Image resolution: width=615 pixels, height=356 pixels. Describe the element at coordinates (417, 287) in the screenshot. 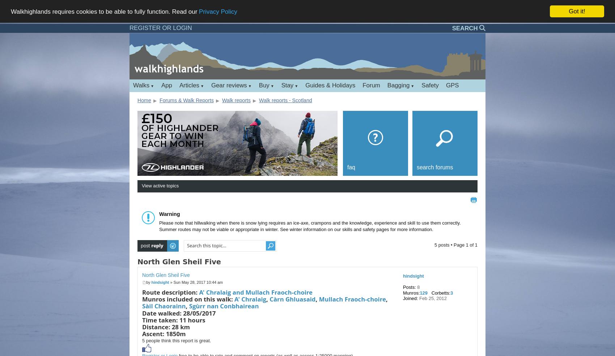

I see `'8'` at that location.